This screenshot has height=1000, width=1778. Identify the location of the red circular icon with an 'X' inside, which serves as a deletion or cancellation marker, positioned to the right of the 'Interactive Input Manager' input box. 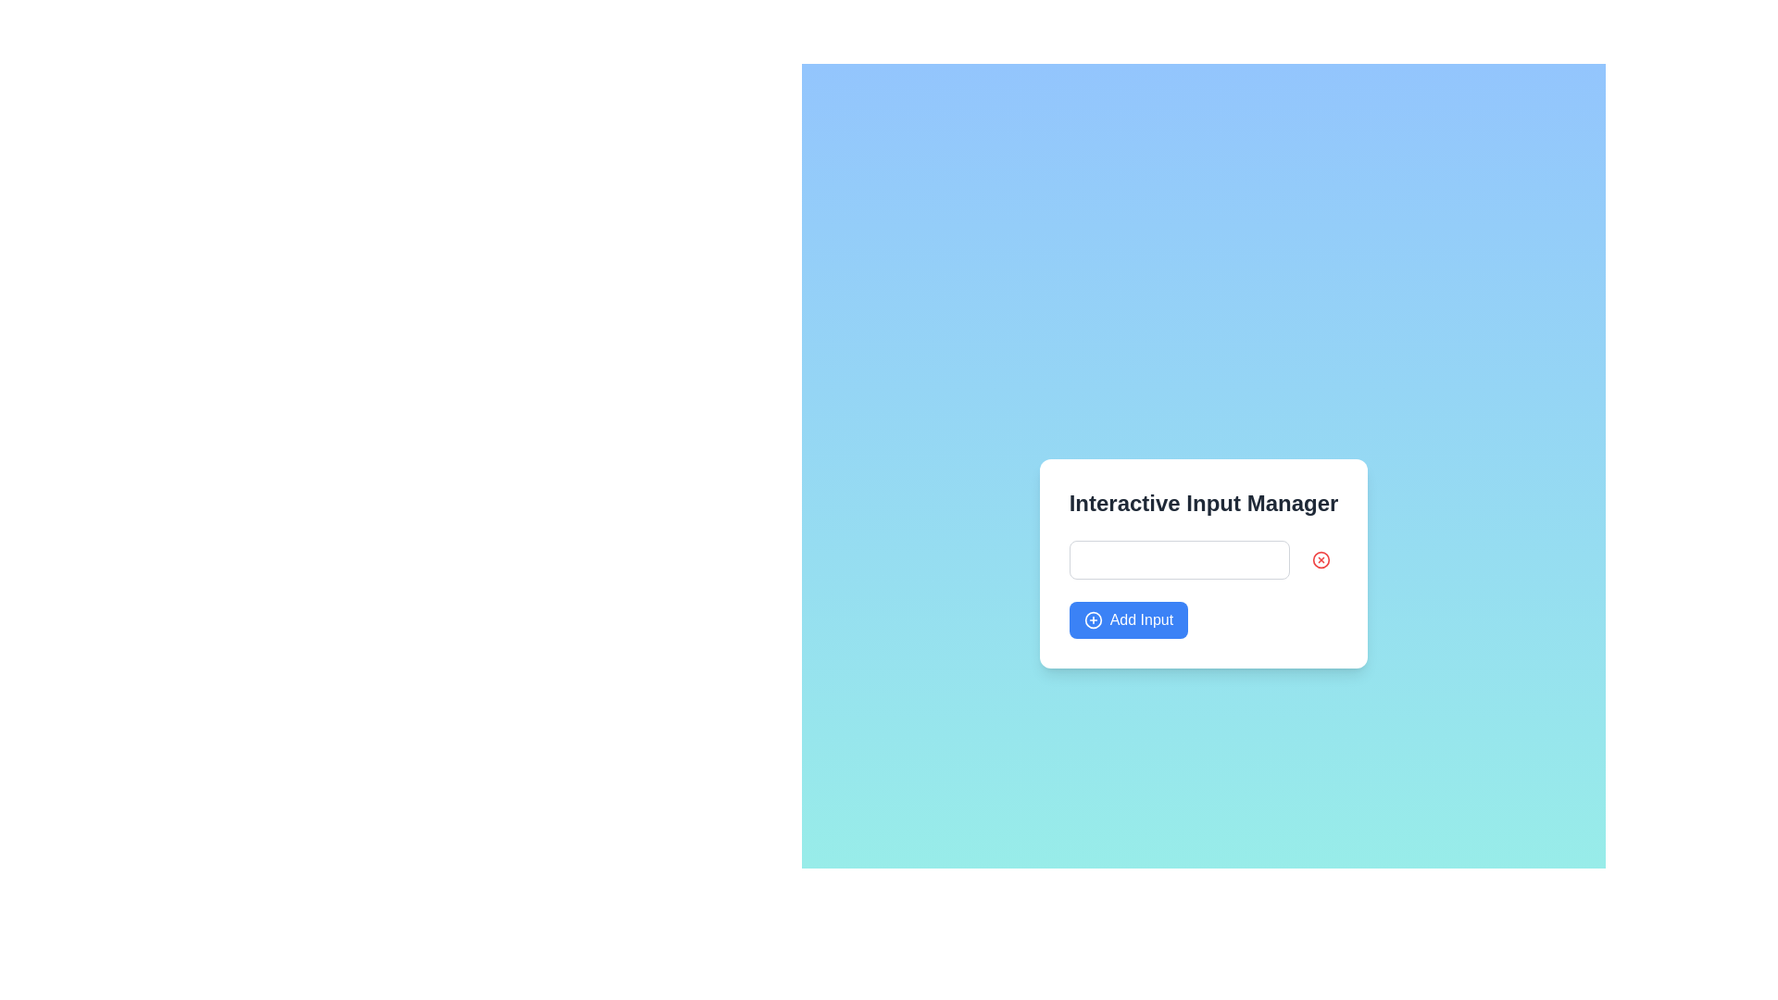
(1321, 559).